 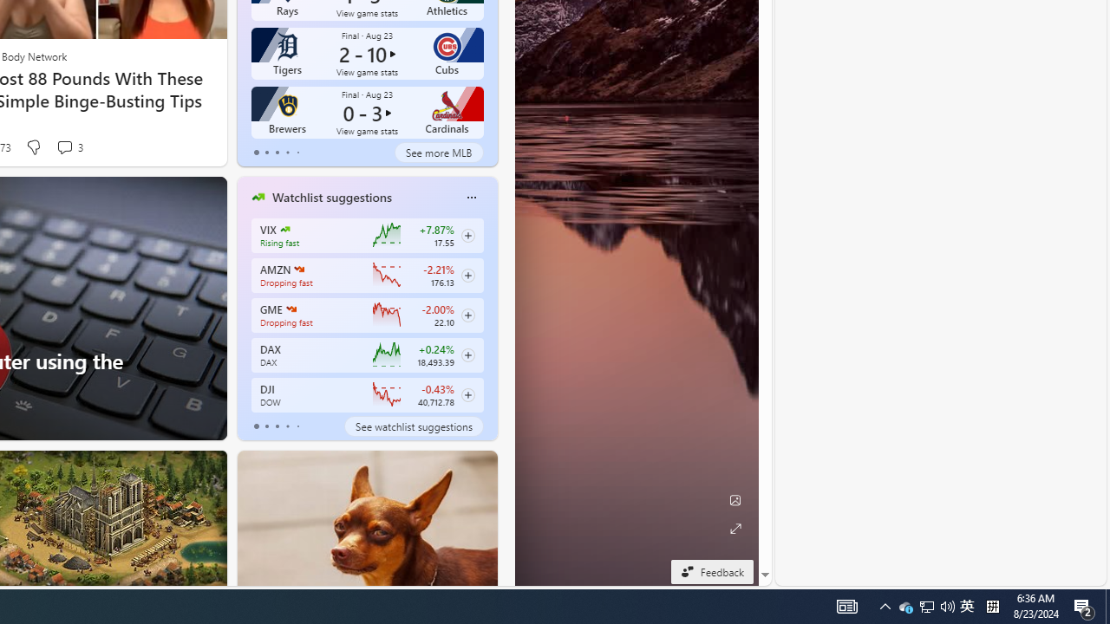 What do you see at coordinates (412, 426) in the screenshot?
I see `'See watchlist suggestions'` at bounding box center [412, 426].